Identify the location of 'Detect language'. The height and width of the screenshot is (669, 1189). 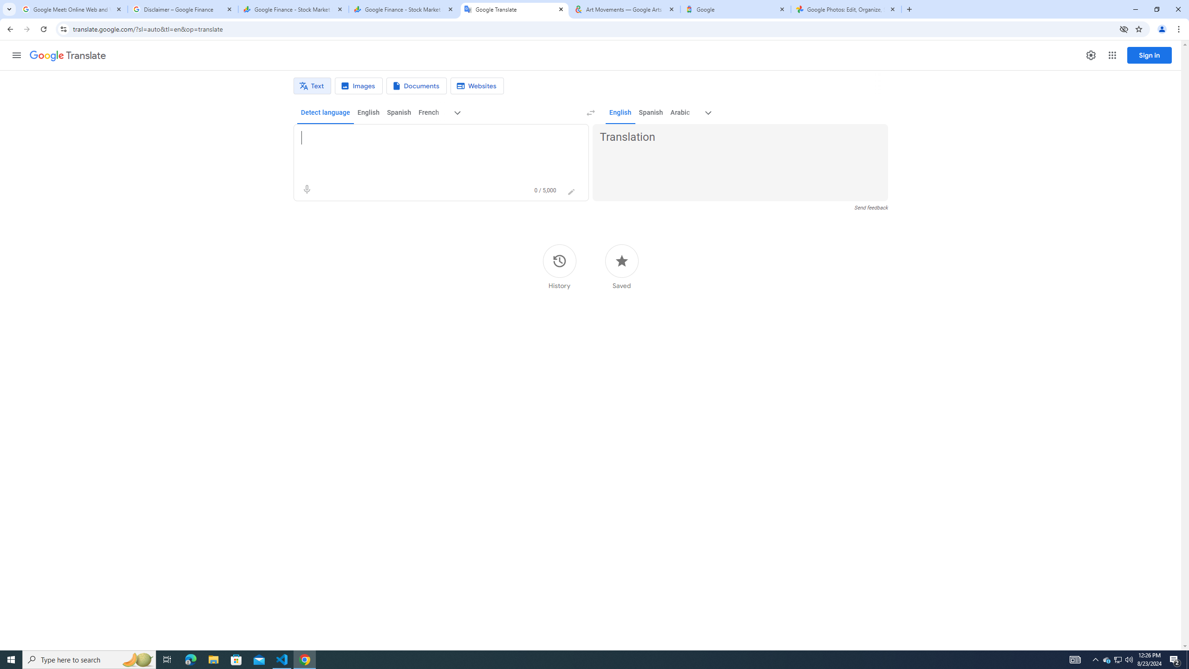
(326, 112).